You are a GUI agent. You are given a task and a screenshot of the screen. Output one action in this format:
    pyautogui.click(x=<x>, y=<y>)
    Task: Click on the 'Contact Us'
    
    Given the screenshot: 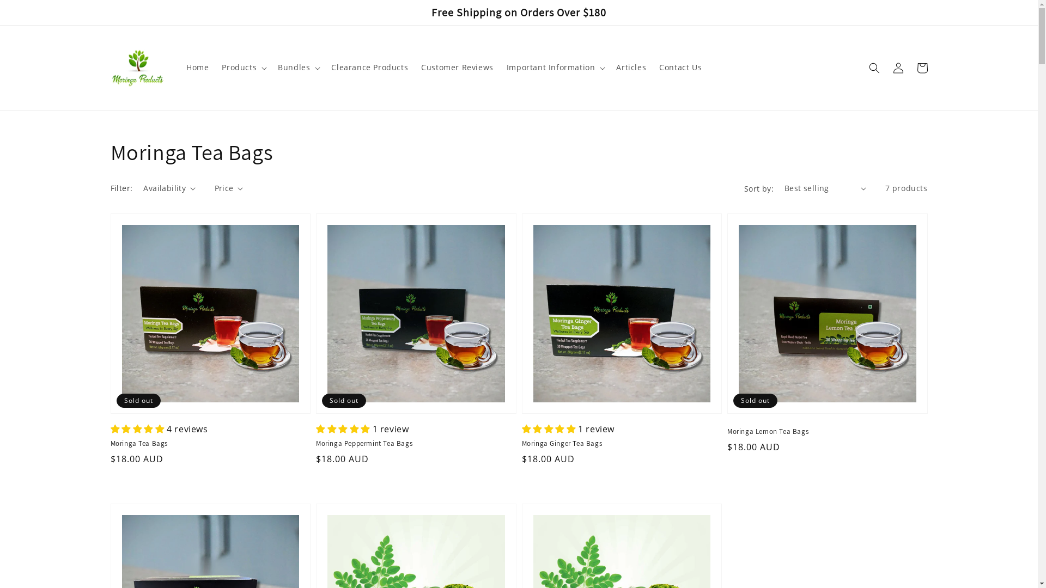 What is the action you would take?
    pyautogui.click(x=679, y=67)
    